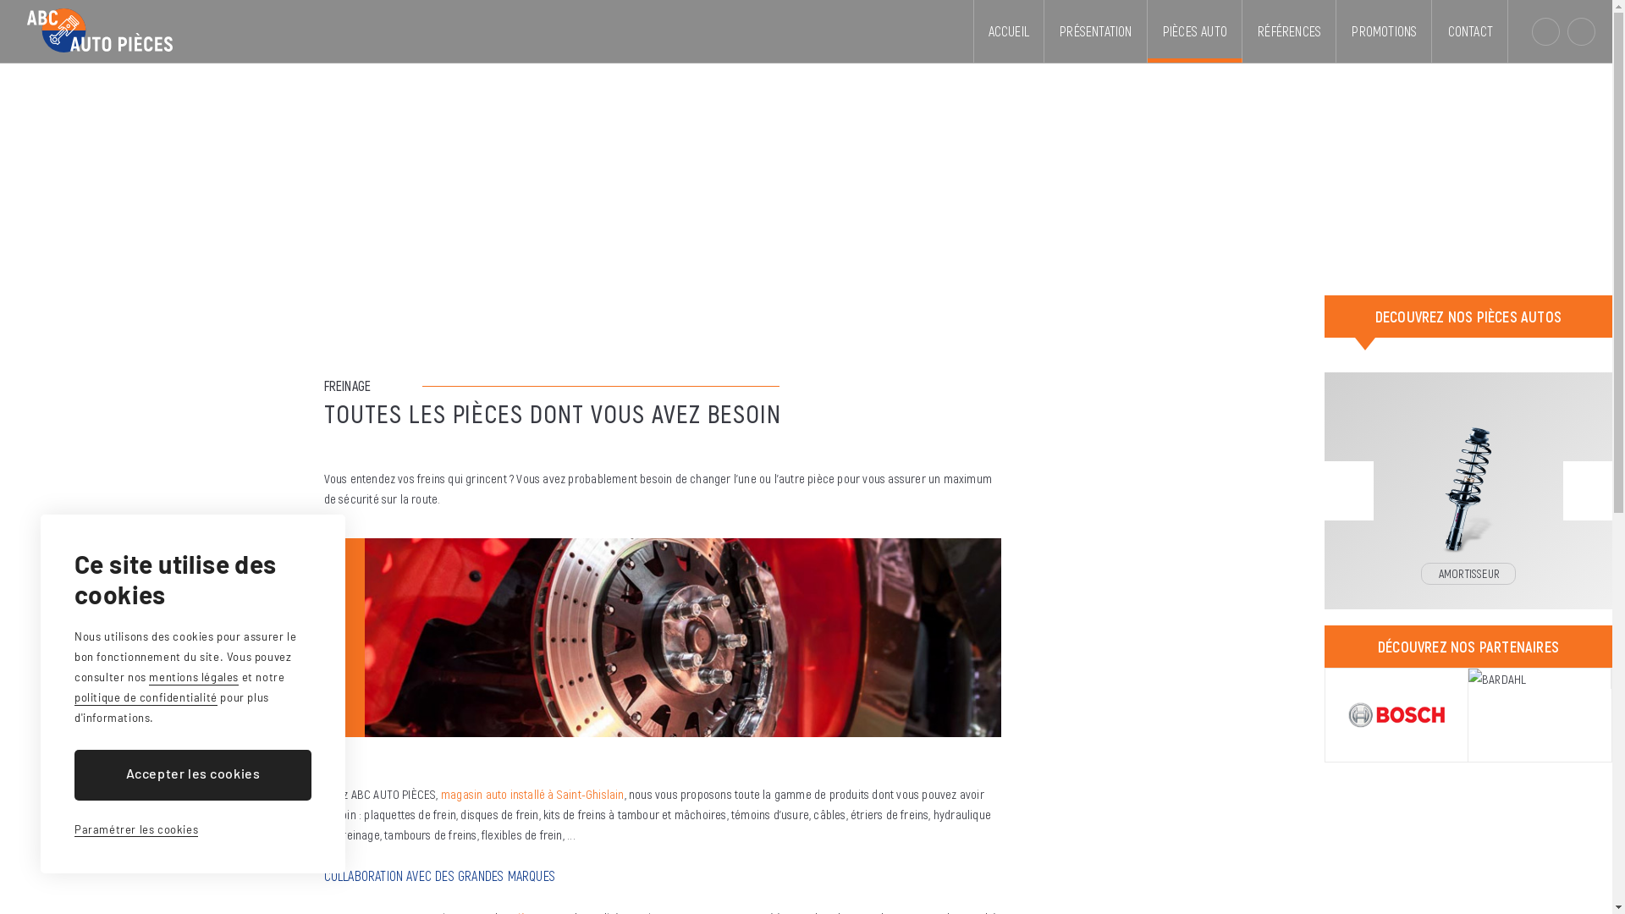 This screenshot has width=1625, height=914. Describe the element at coordinates (1580, 31) in the screenshot. I see `'Facebook'` at that location.